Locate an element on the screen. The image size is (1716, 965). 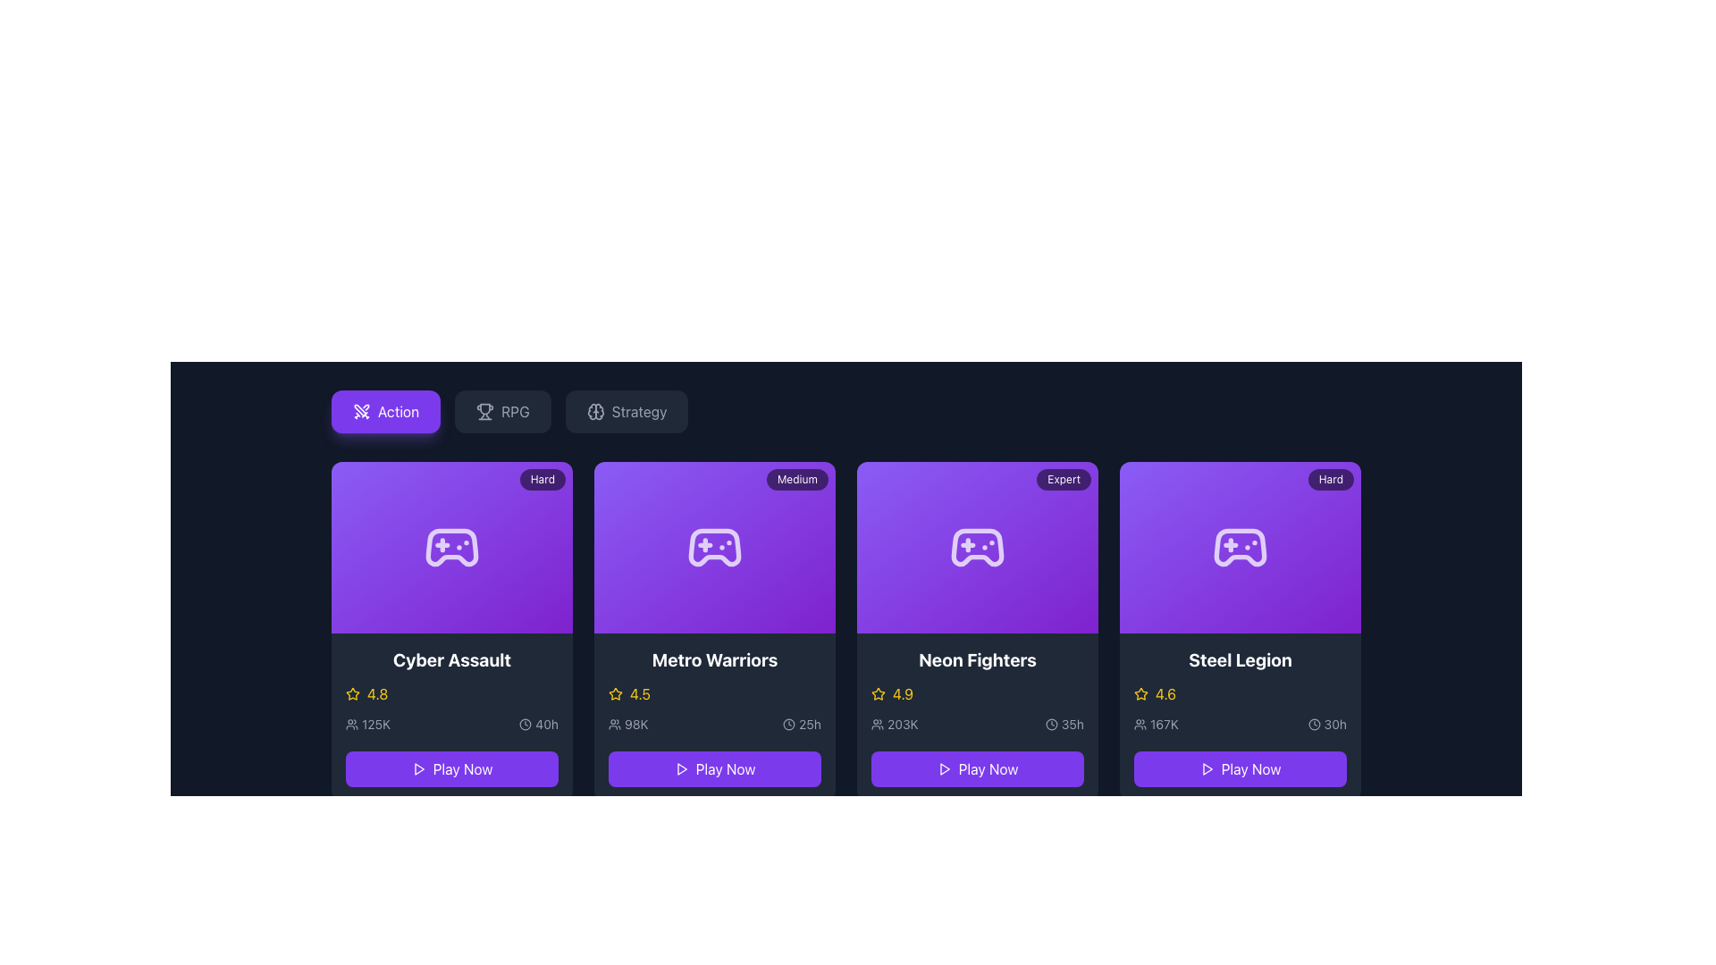
the user icon located to the left of the text '167K' at the bottom of the fourth card labeled 'Steel Legion' is located at coordinates (1140, 724).